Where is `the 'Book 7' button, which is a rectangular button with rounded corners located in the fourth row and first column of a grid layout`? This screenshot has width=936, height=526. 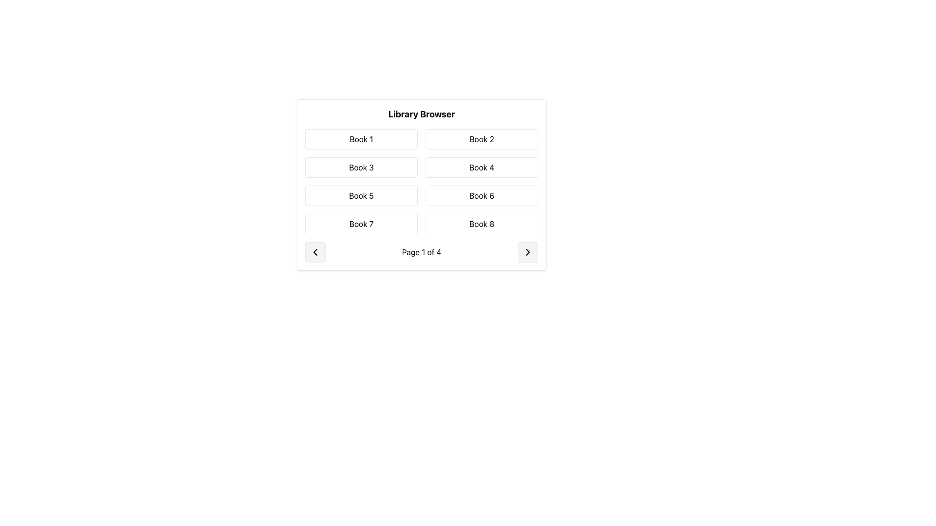
the 'Book 7' button, which is a rectangular button with rounded corners located in the fourth row and first column of a grid layout is located at coordinates (361, 224).